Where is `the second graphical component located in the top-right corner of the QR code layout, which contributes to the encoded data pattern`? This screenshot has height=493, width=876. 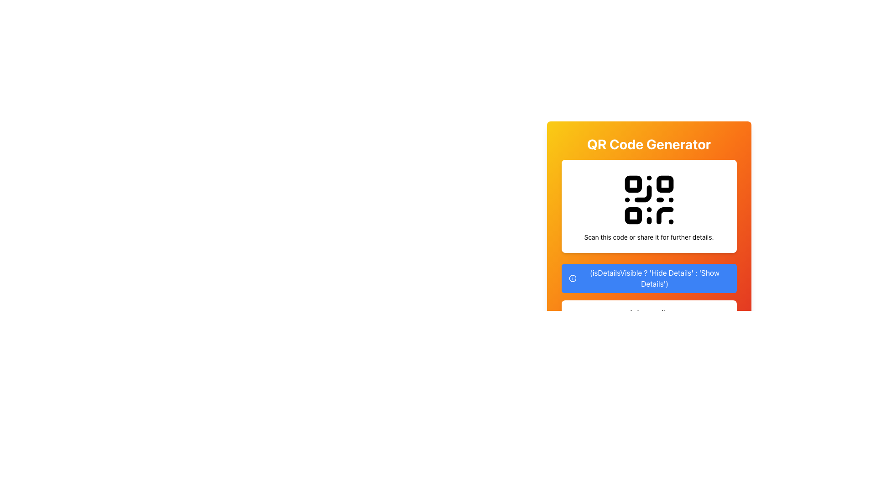
the second graphical component located in the top-right corner of the QR code layout, which contributes to the encoded data pattern is located at coordinates (665, 184).